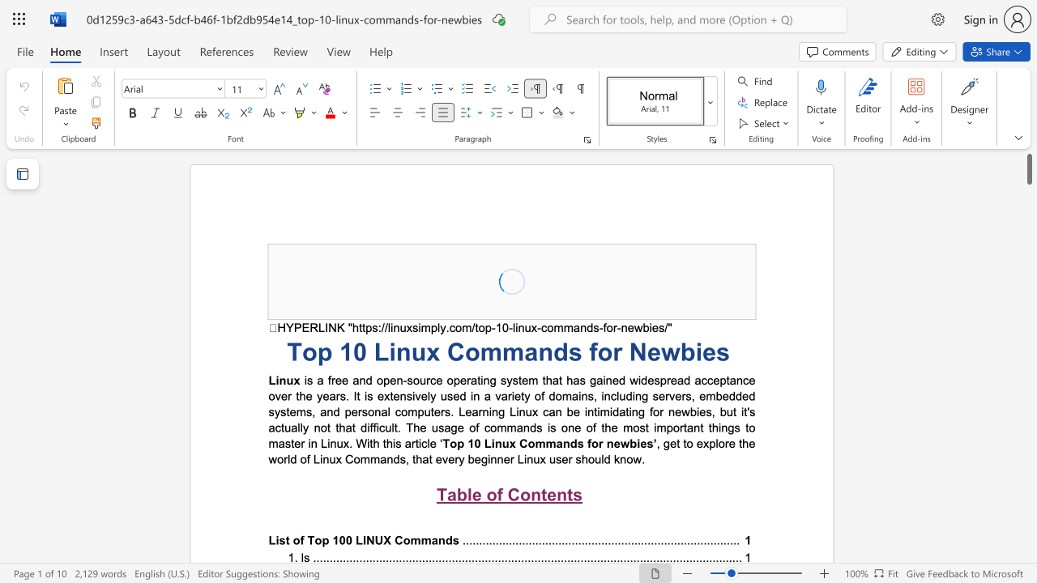 The width and height of the screenshot is (1037, 583). What do you see at coordinates (1028, 526) in the screenshot?
I see `the scrollbar on the right to shift the page lower` at bounding box center [1028, 526].